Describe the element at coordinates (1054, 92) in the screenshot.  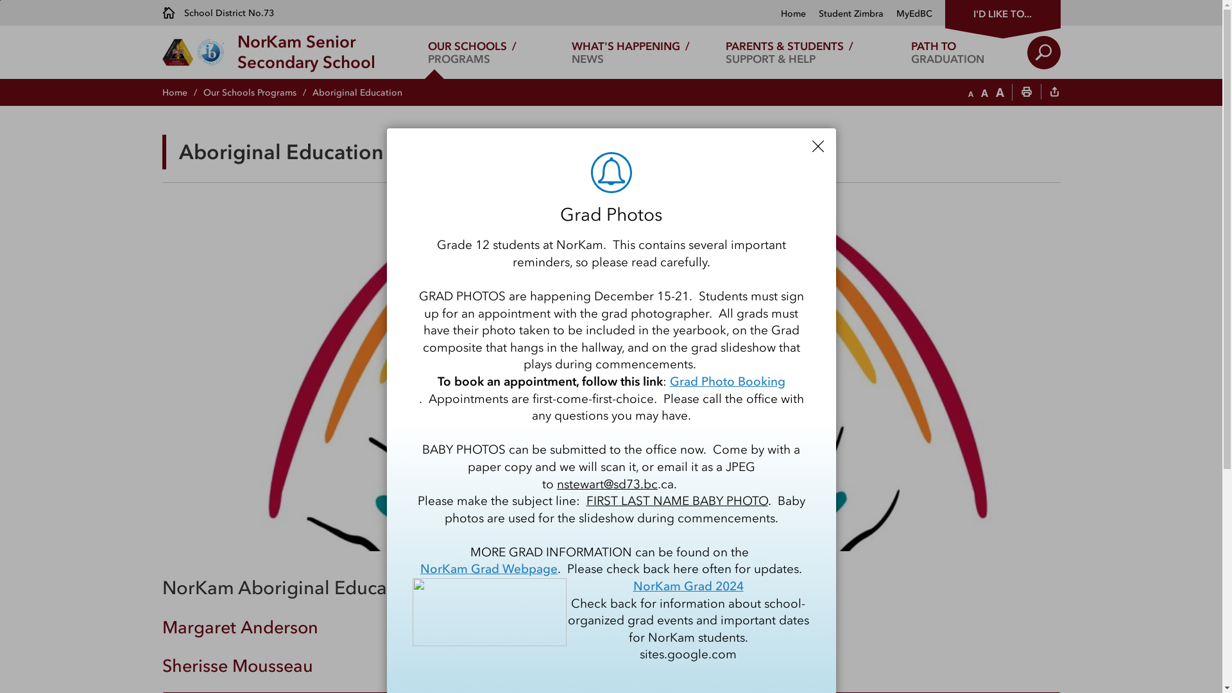
I see `' '` at that location.